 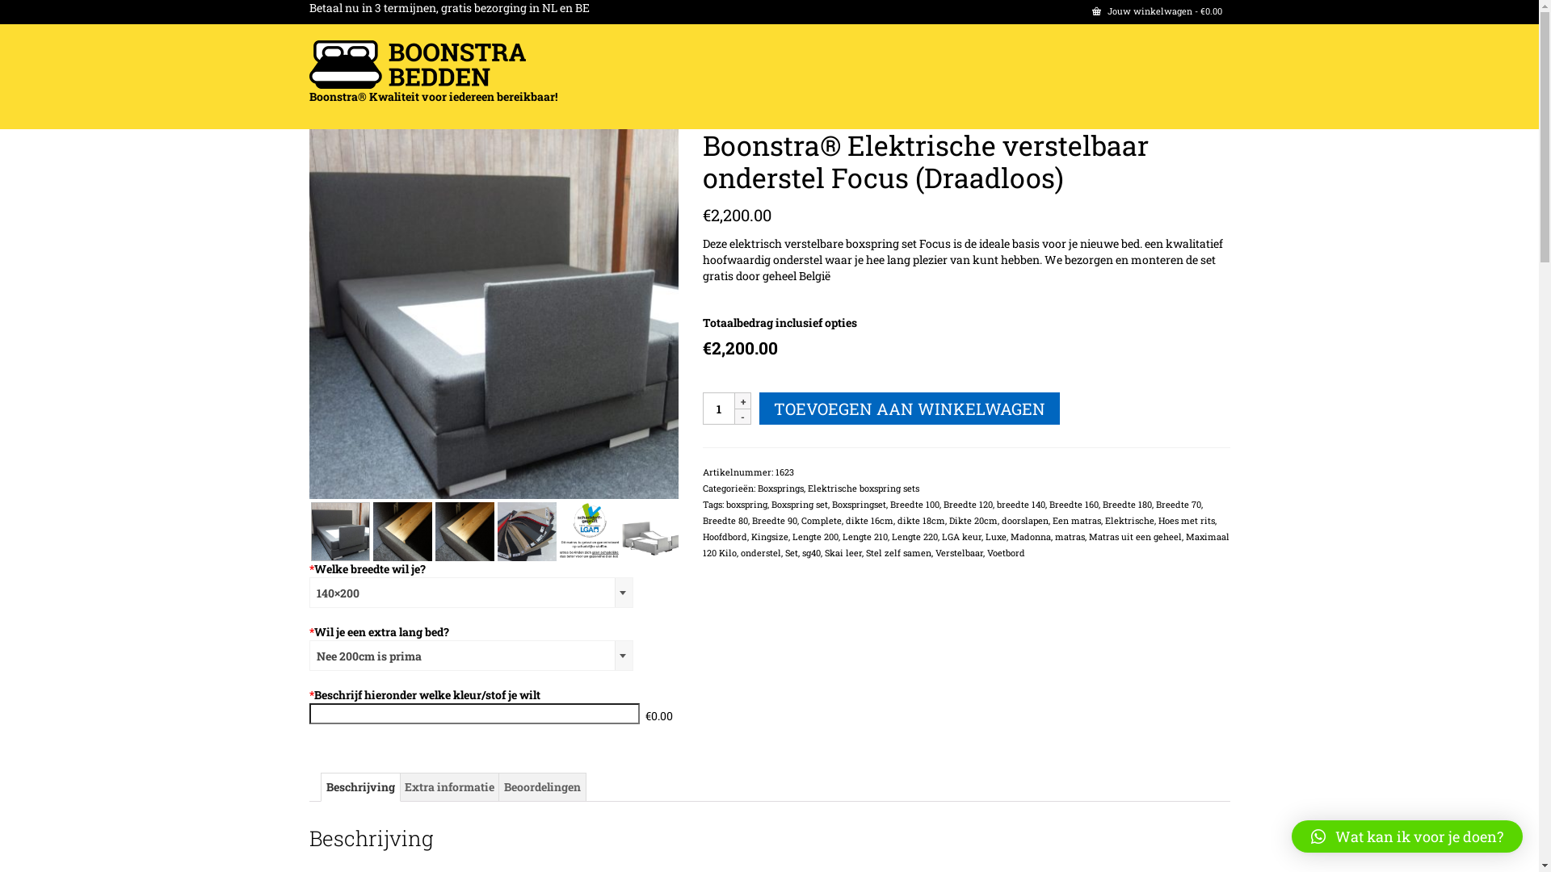 I want to click on 'Elektrische boxspring sets', so click(x=807, y=487).